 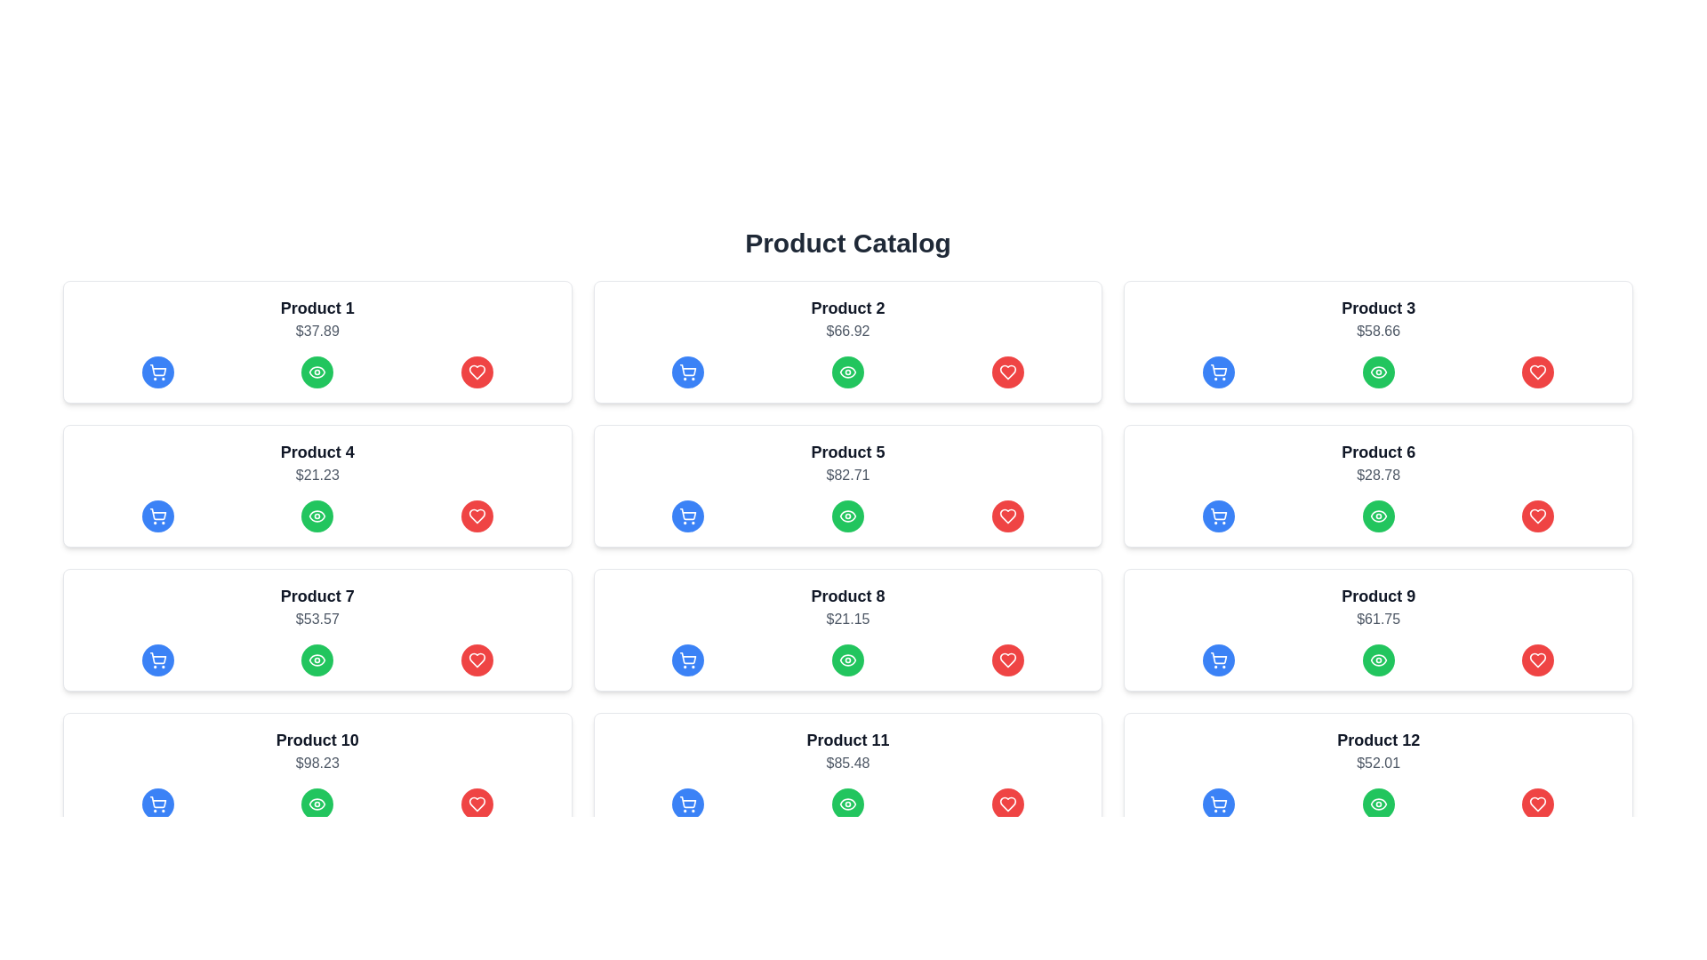 I want to click on the favorite button located in the bottom-right corner of the product card, so click(x=477, y=804).